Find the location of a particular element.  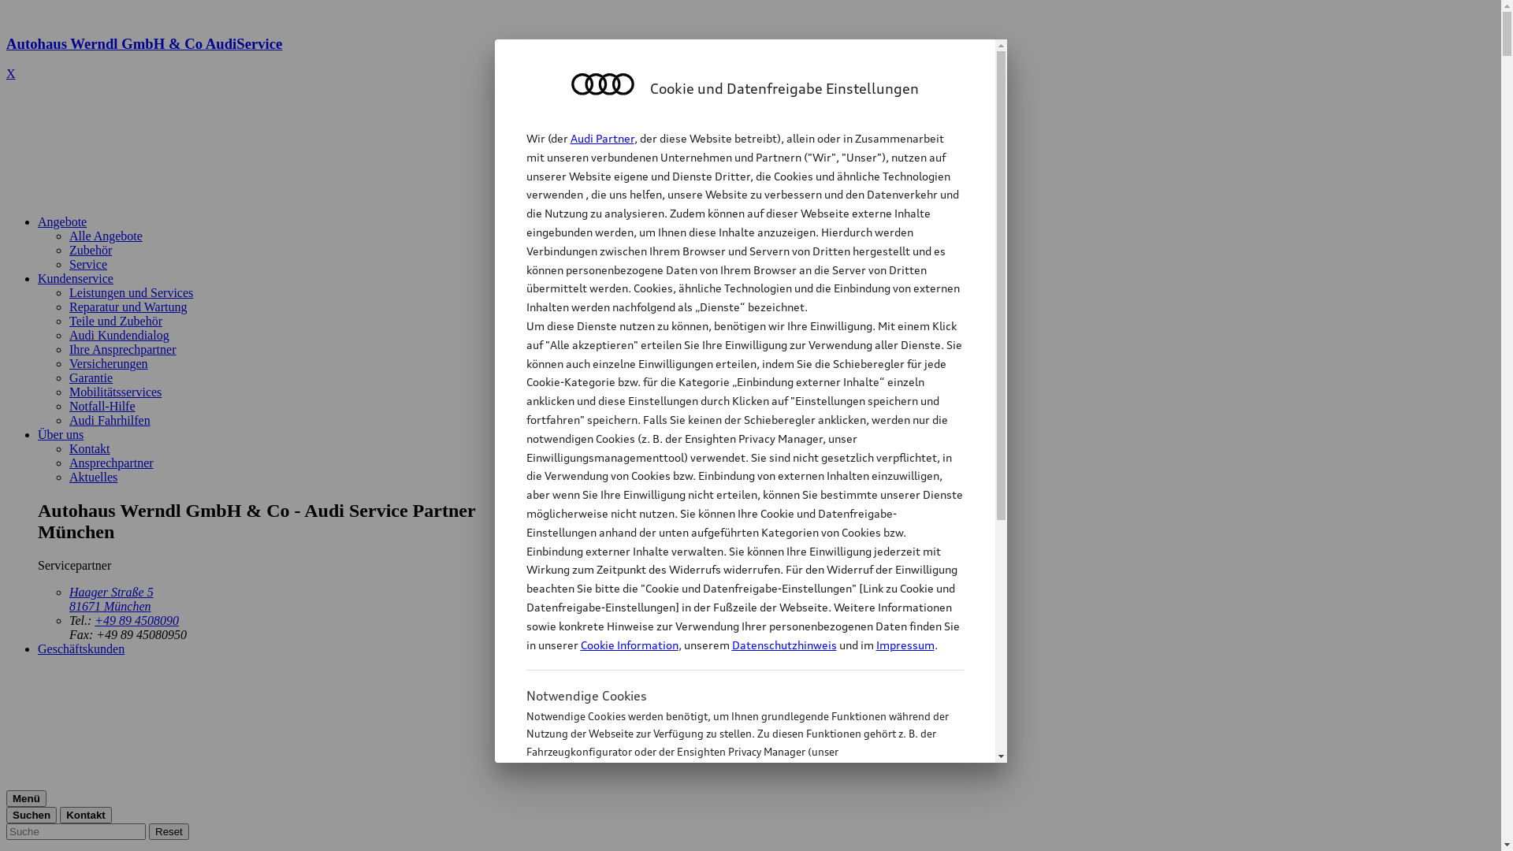

'Garantie' is located at coordinates (68, 377).